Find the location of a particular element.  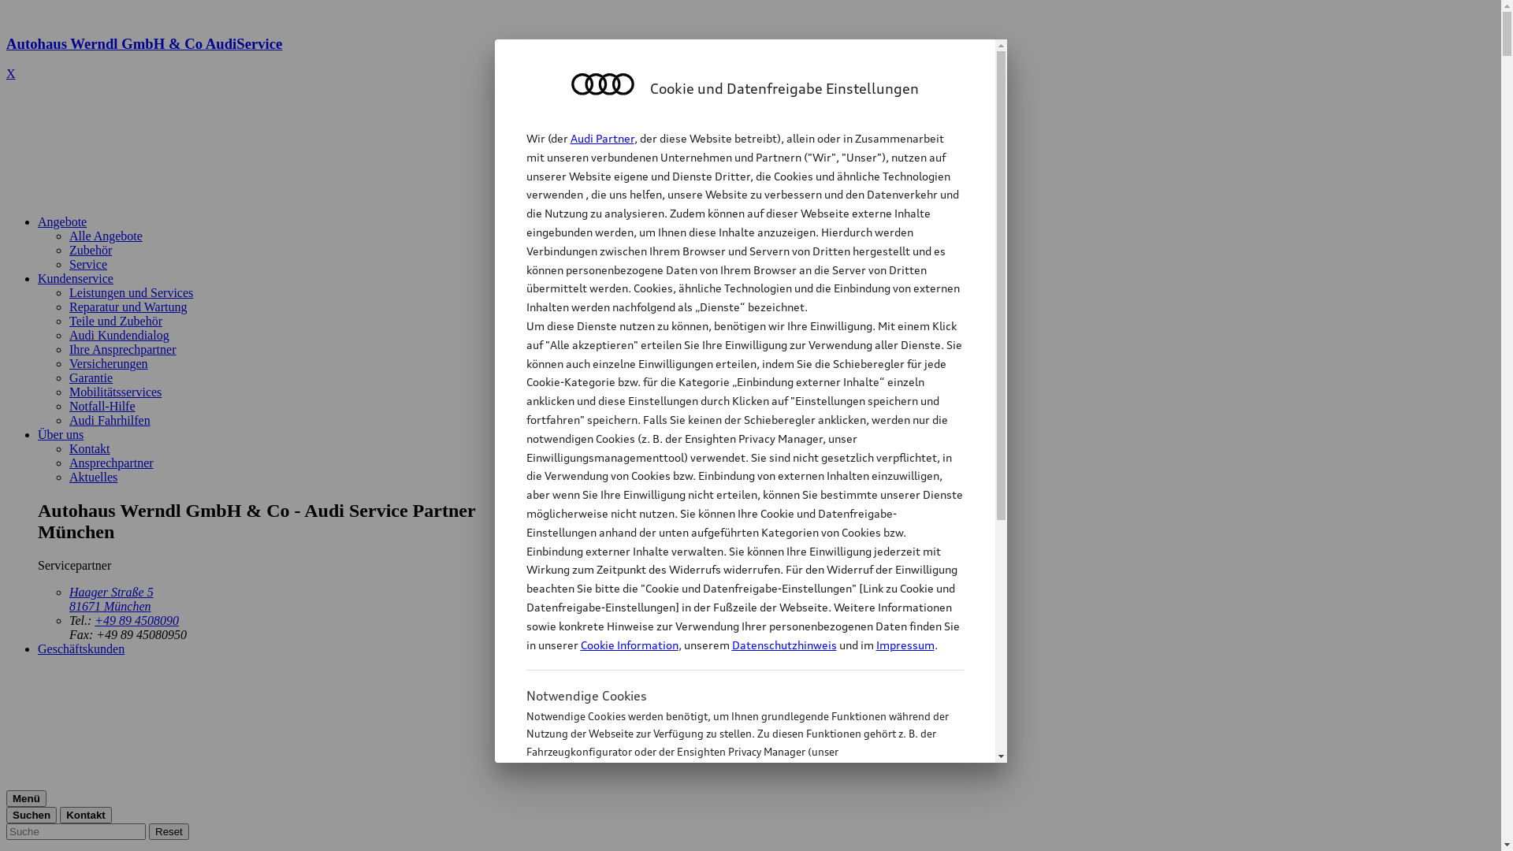

'Garantie' is located at coordinates (68, 377).